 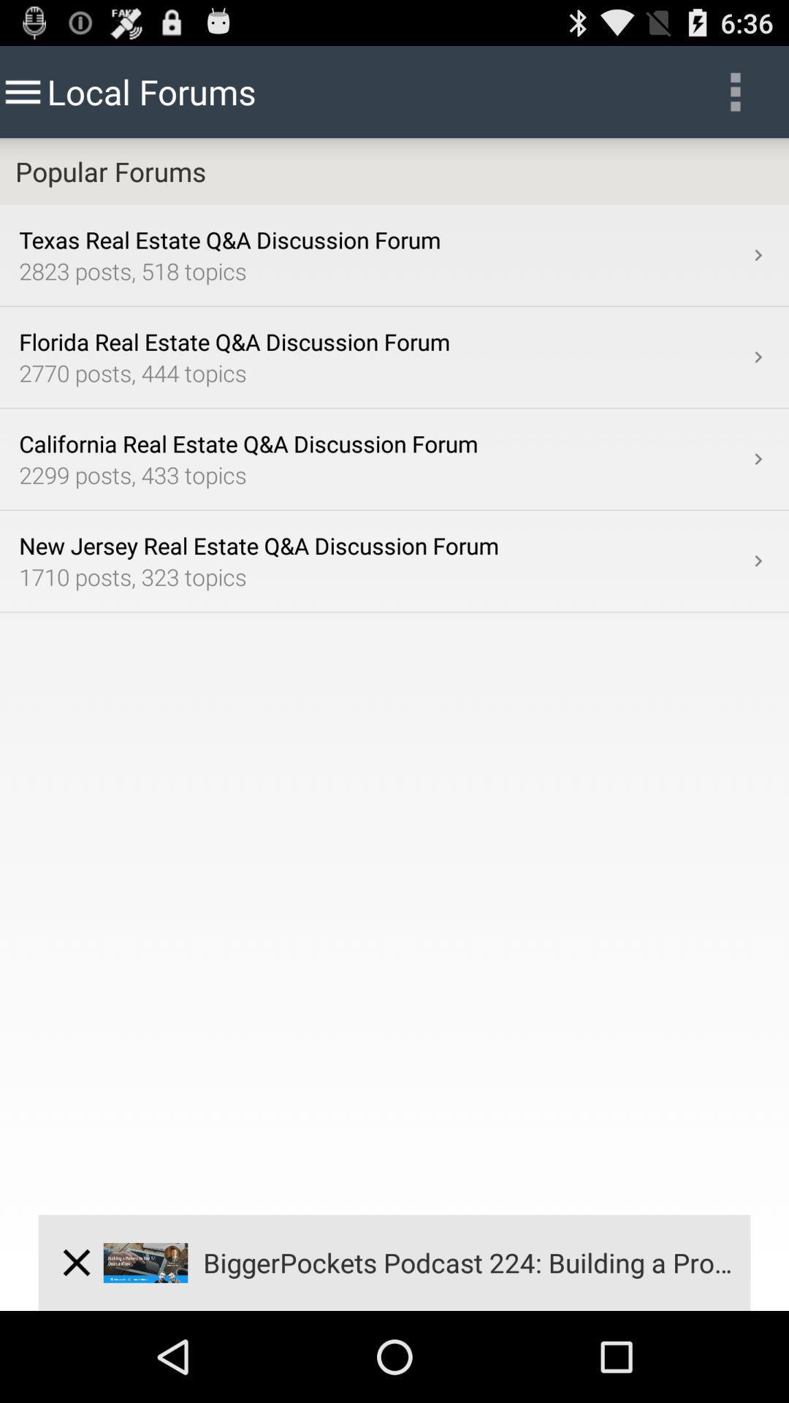 I want to click on the icon below the 2299 posts 433, so click(x=757, y=560).